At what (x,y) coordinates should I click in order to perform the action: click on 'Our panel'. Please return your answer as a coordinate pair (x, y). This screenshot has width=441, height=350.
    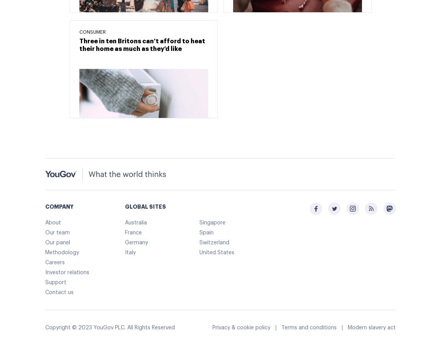
    Looking at the image, I should click on (57, 242).